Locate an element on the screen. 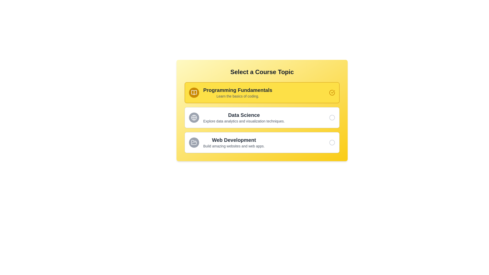 This screenshot has width=489, height=275. the text describing the 'Web Development' course, located within the third option of the course topic selection interface is located at coordinates (234, 146).